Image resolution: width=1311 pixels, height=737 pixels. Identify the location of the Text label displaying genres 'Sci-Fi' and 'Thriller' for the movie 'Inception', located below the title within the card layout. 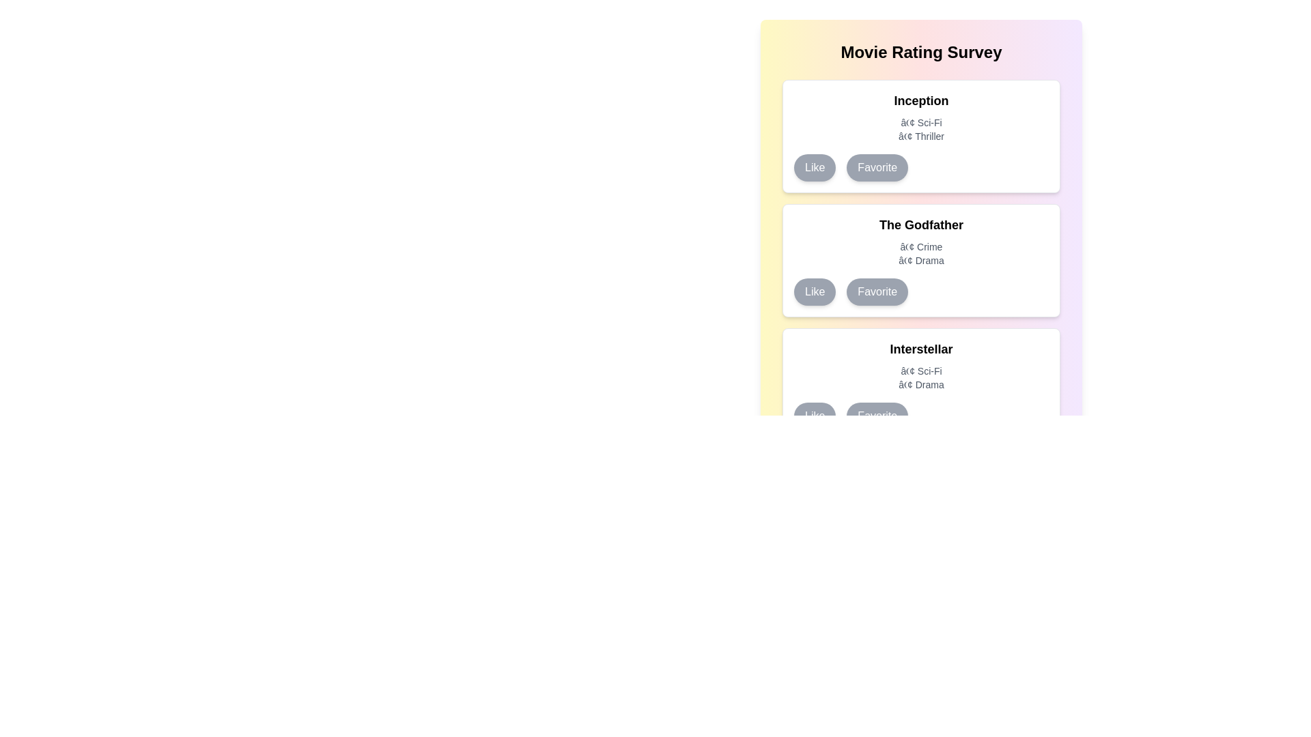
(921, 129).